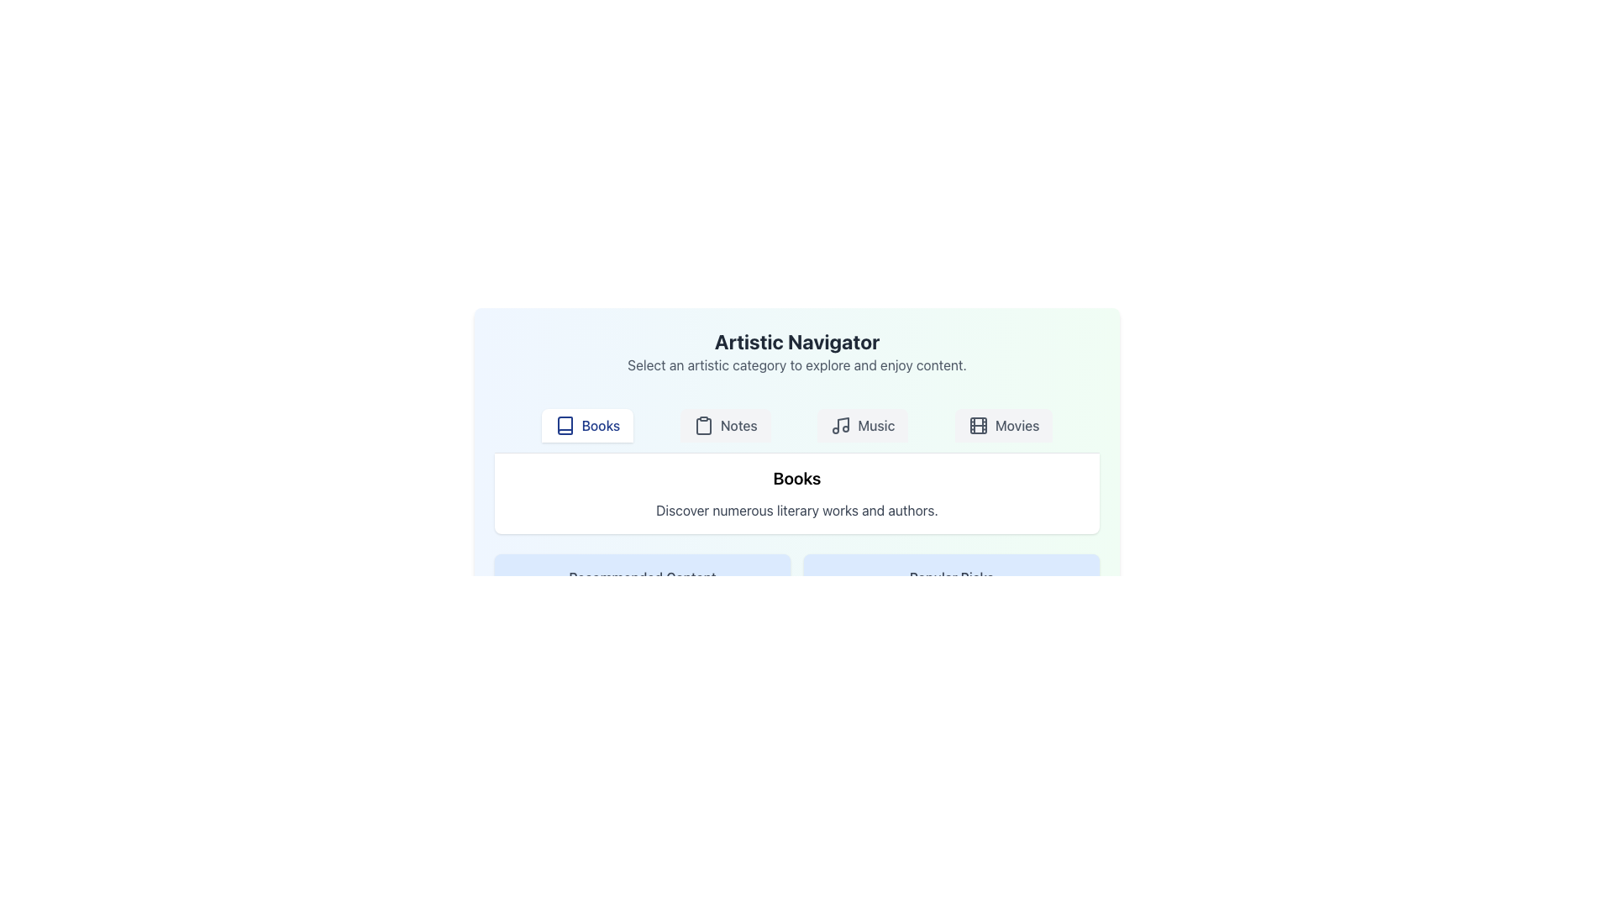 The height and width of the screenshot is (907, 1613). Describe the element at coordinates (796, 479) in the screenshot. I see `the 'Books' text label, which is presented in a bold and enlarged font, located in the upper-middle section of the interface within a white rectangular area` at that location.